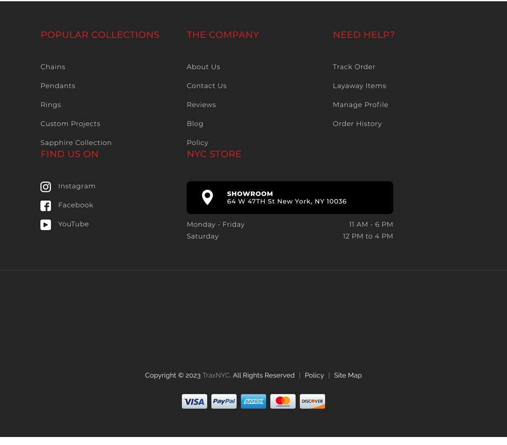 Image resolution: width=507 pixels, height=445 pixels. What do you see at coordinates (213, 153) in the screenshot?
I see `'NYC Store'` at bounding box center [213, 153].